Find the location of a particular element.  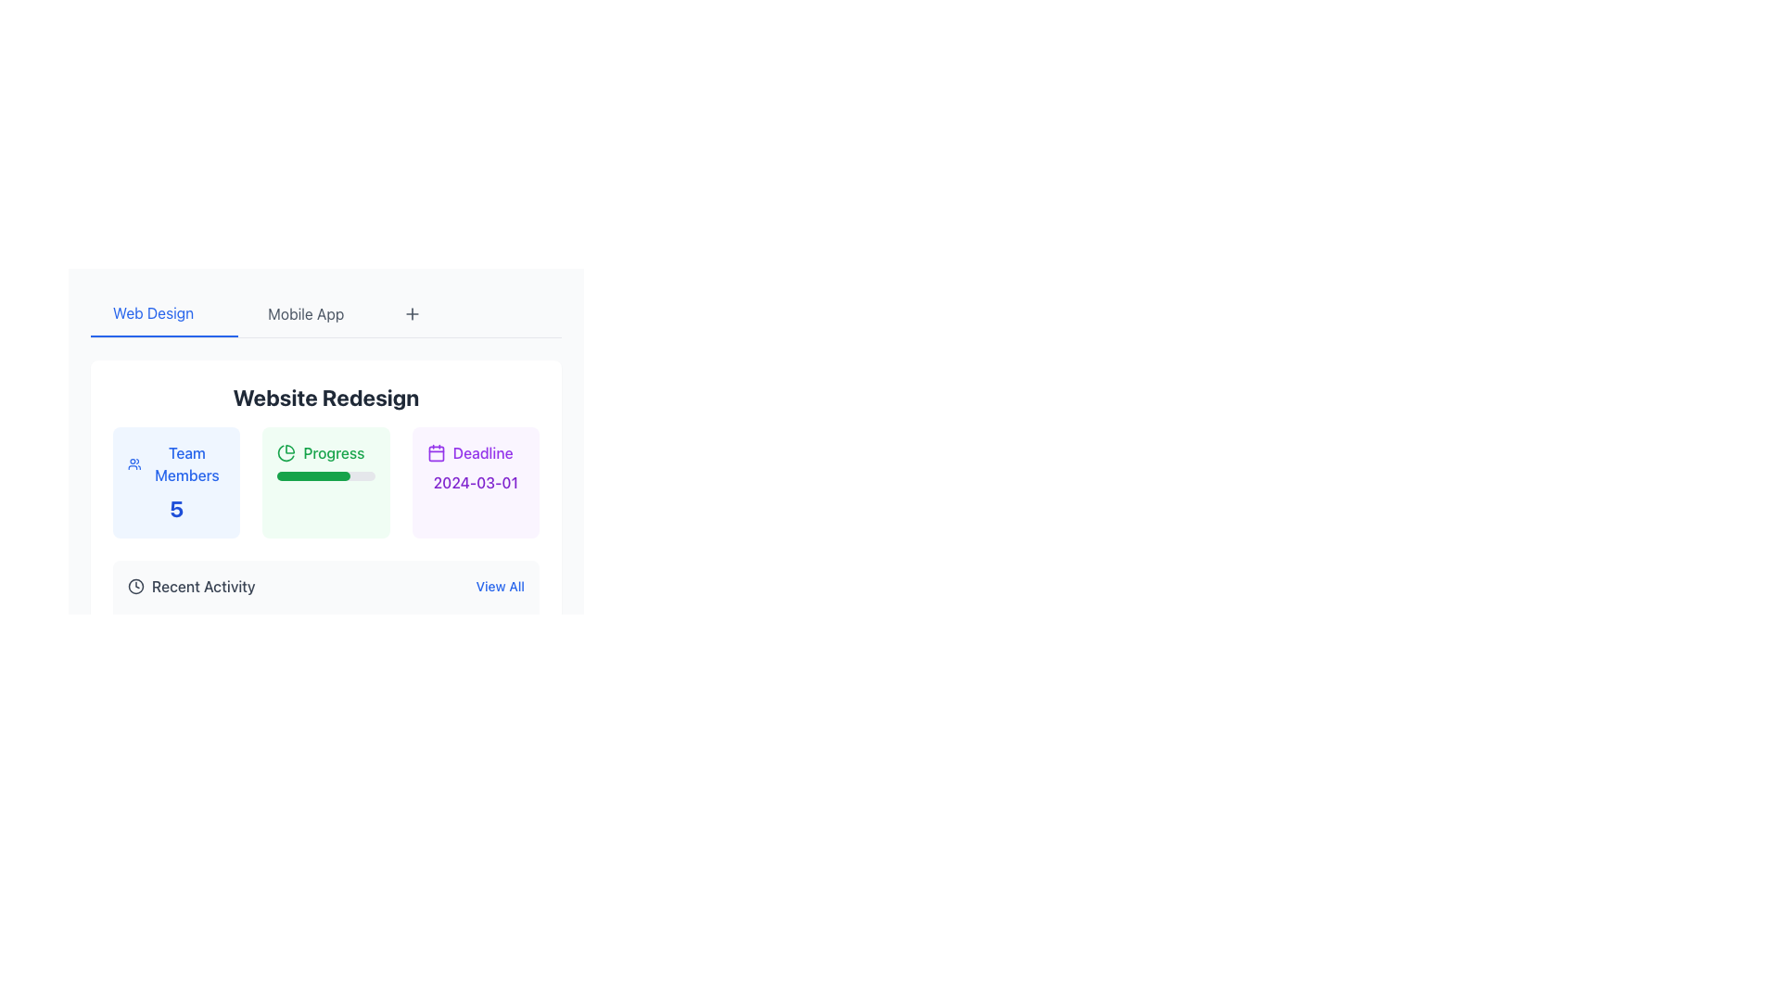

the plus-shaped button icon located in the top center area of the interface, adjacent to the 'Web Design' and 'Mobile App' tabs is located at coordinates (412, 313).